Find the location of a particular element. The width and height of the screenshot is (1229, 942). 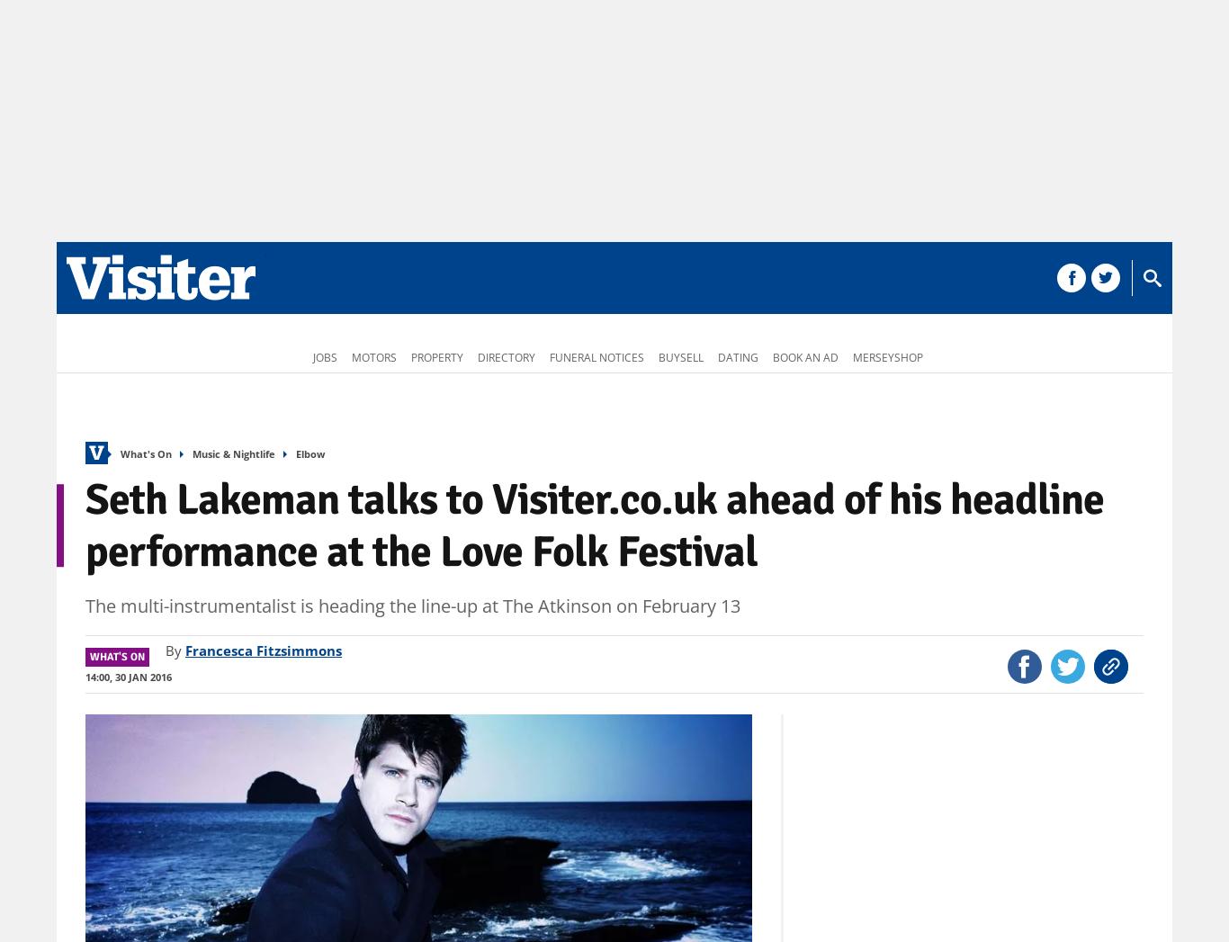

'More' is located at coordinates (798, 278).